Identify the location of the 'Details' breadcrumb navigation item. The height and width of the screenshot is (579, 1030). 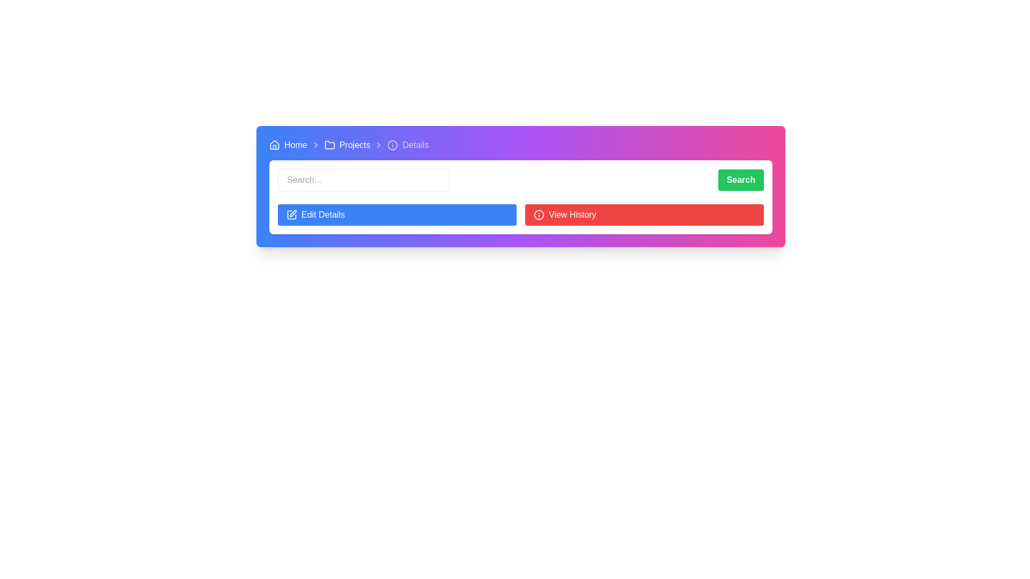
(407, 145).